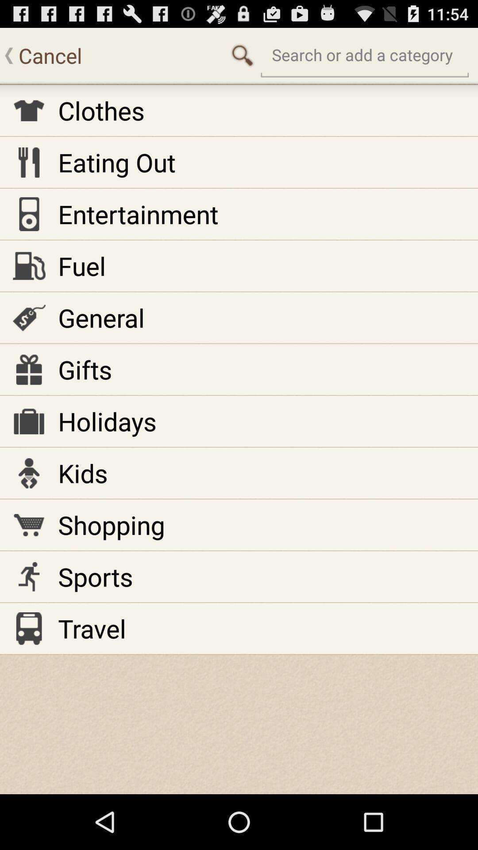  I want to click on the icon below the shopping item, so click(96, 576).